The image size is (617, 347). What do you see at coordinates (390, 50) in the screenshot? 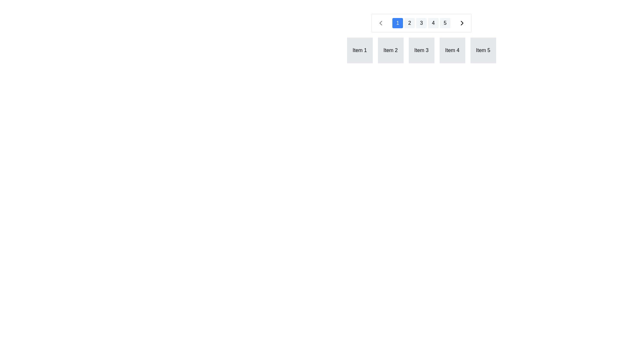
I see `the text label displaying 'Item 2'` at bounding box center [390, 50].